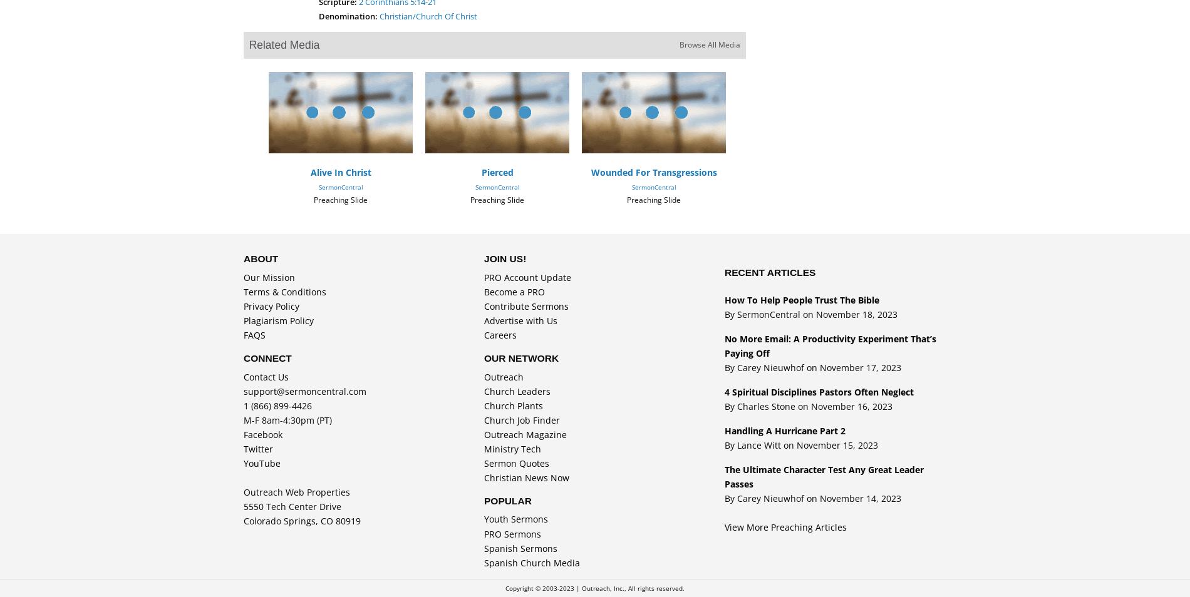  I want to click on '4 Spiritual Disciplines Pastors Often Neglect', so click(818, 391).